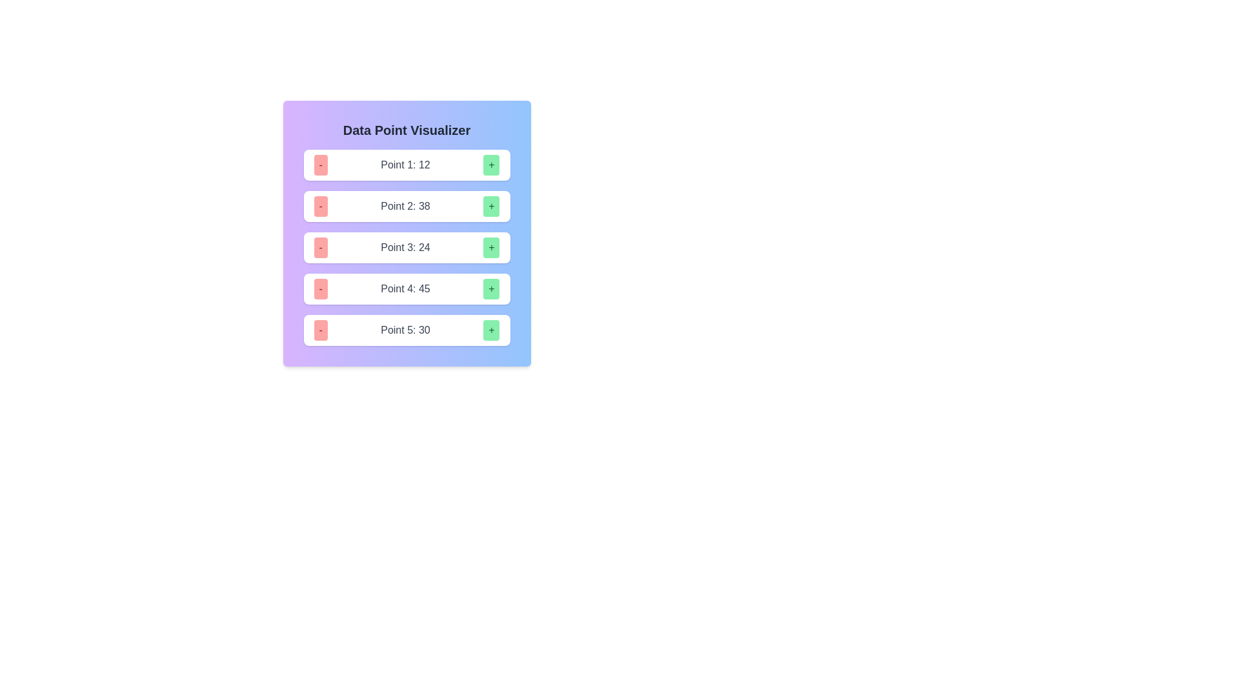  Describe the element at coordinates (321, 288) in the screenshot. I see `the decrement button for 'Point 4: 45'` at that location.